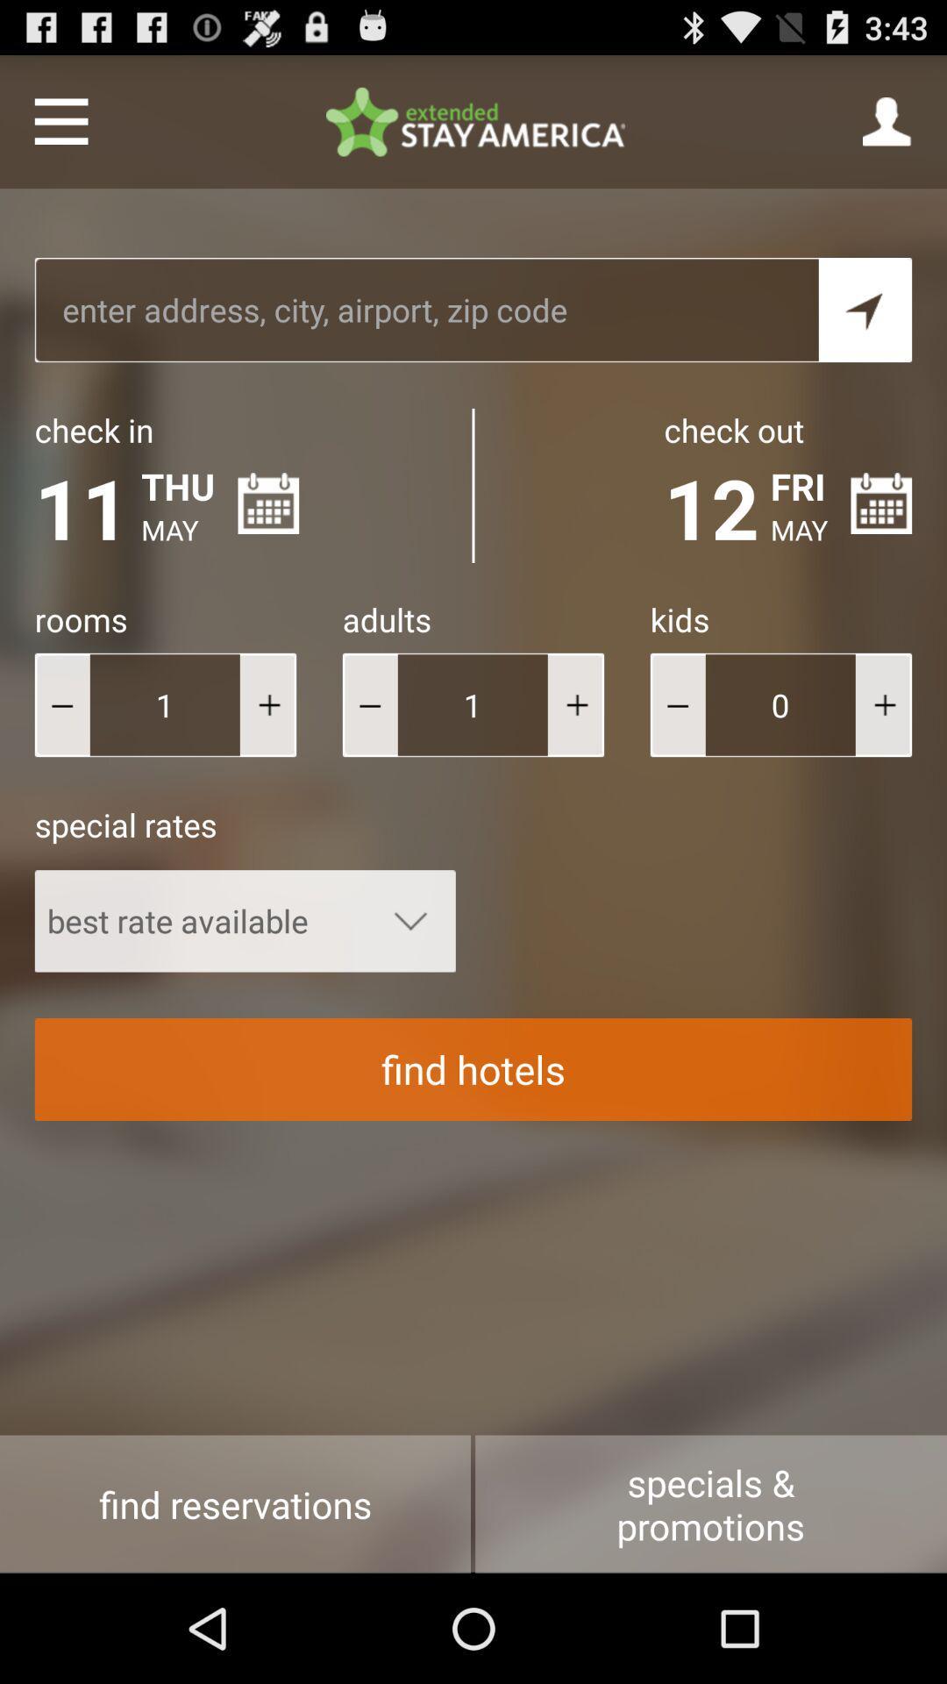  Describe the element at coordinates (865, 310) in the screenshot. I see `search` at that location.